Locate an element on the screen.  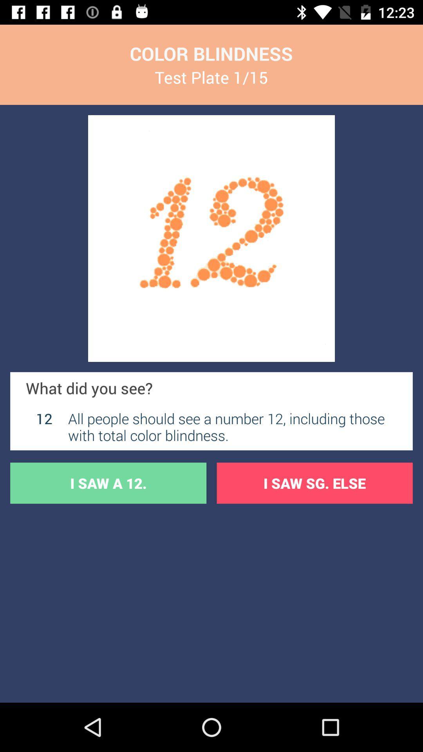
the icon below test plate 1 is located at coordinates (211, 238).